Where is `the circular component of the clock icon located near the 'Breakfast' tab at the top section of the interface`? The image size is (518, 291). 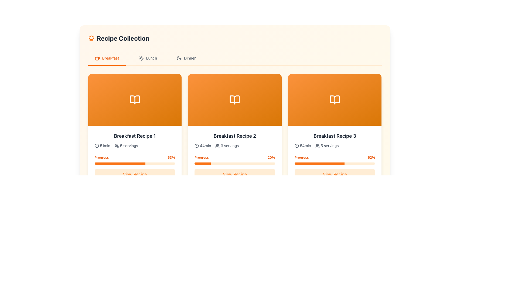 the circular component of the clock icon located near the 'Breakfast' tab at the top section of the interface is located at coordinates (296, 145).